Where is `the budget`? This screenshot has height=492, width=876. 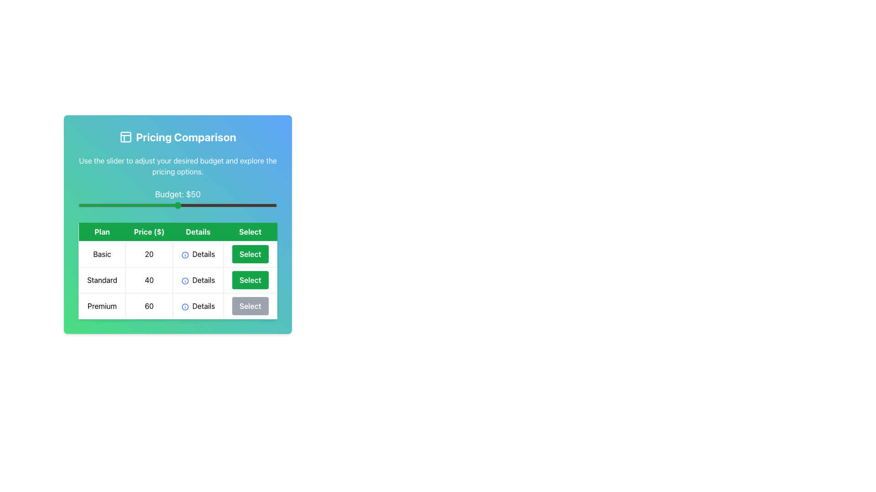 the budget is located at coordinates (112, 205).